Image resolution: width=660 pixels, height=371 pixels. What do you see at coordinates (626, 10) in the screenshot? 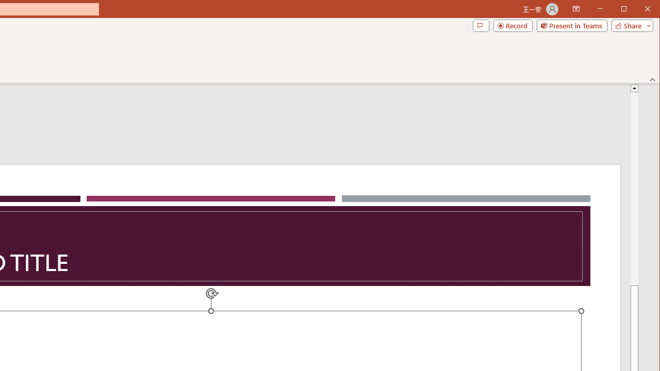
I see `'Minimize'` at bounding box center [626, 10].